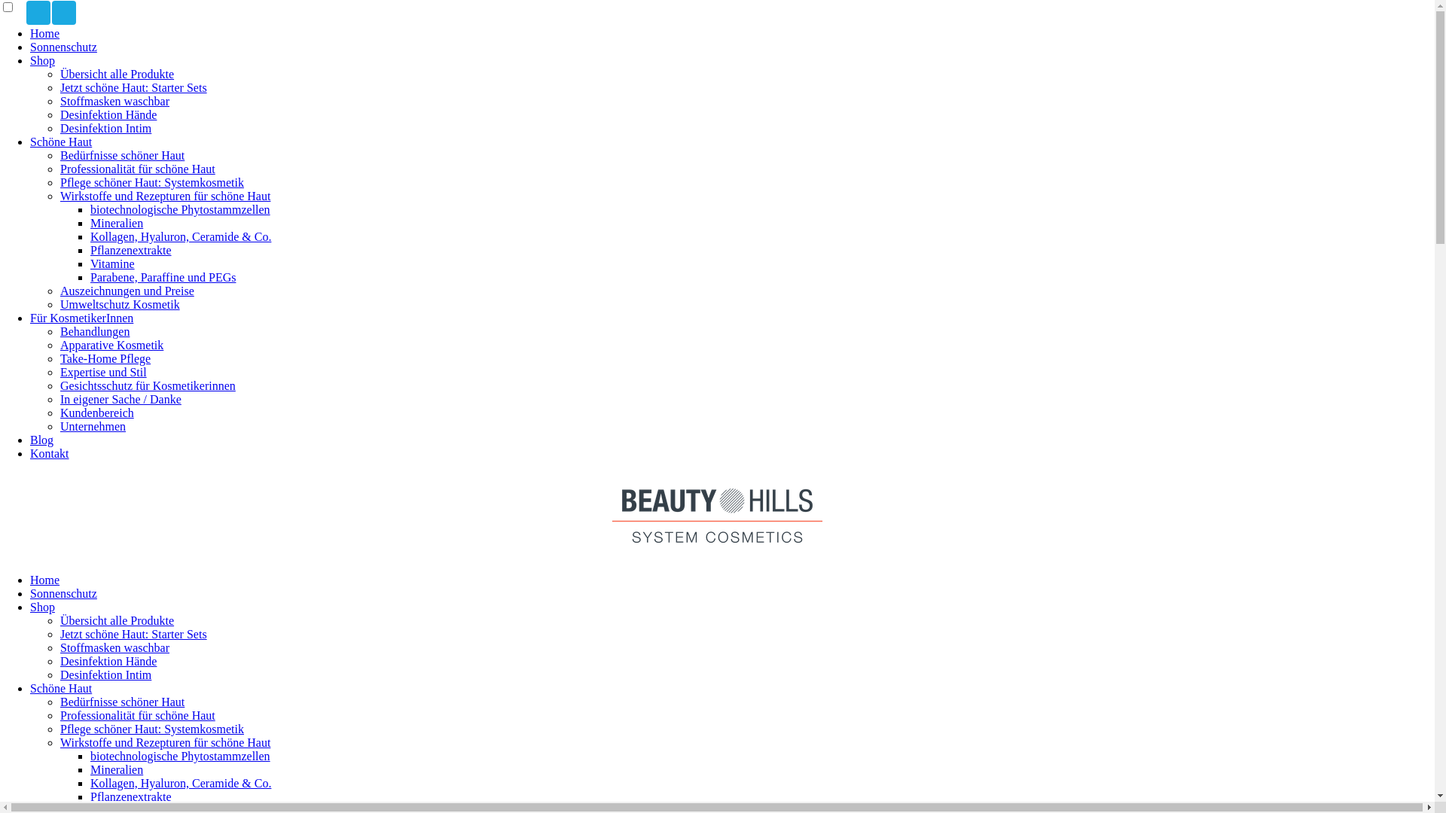 This screenshot has height=813, width=1446. Describe the element at coordinates (114, 647) in the screenshot. I see `'Stoffmasken waschbar'` at that location.